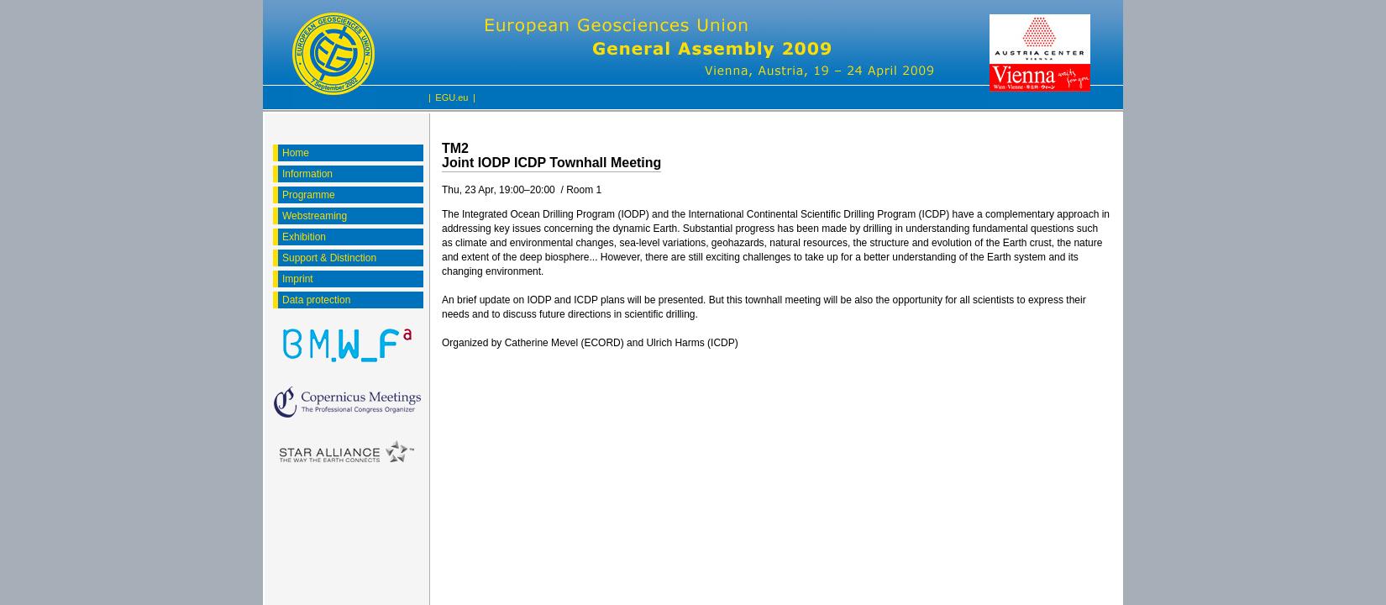  What do you see at coordinates (482, 189) in the screenshot?
I see `'Thu, 23 Apr, 19:00'` at bounding box center [482, 189].